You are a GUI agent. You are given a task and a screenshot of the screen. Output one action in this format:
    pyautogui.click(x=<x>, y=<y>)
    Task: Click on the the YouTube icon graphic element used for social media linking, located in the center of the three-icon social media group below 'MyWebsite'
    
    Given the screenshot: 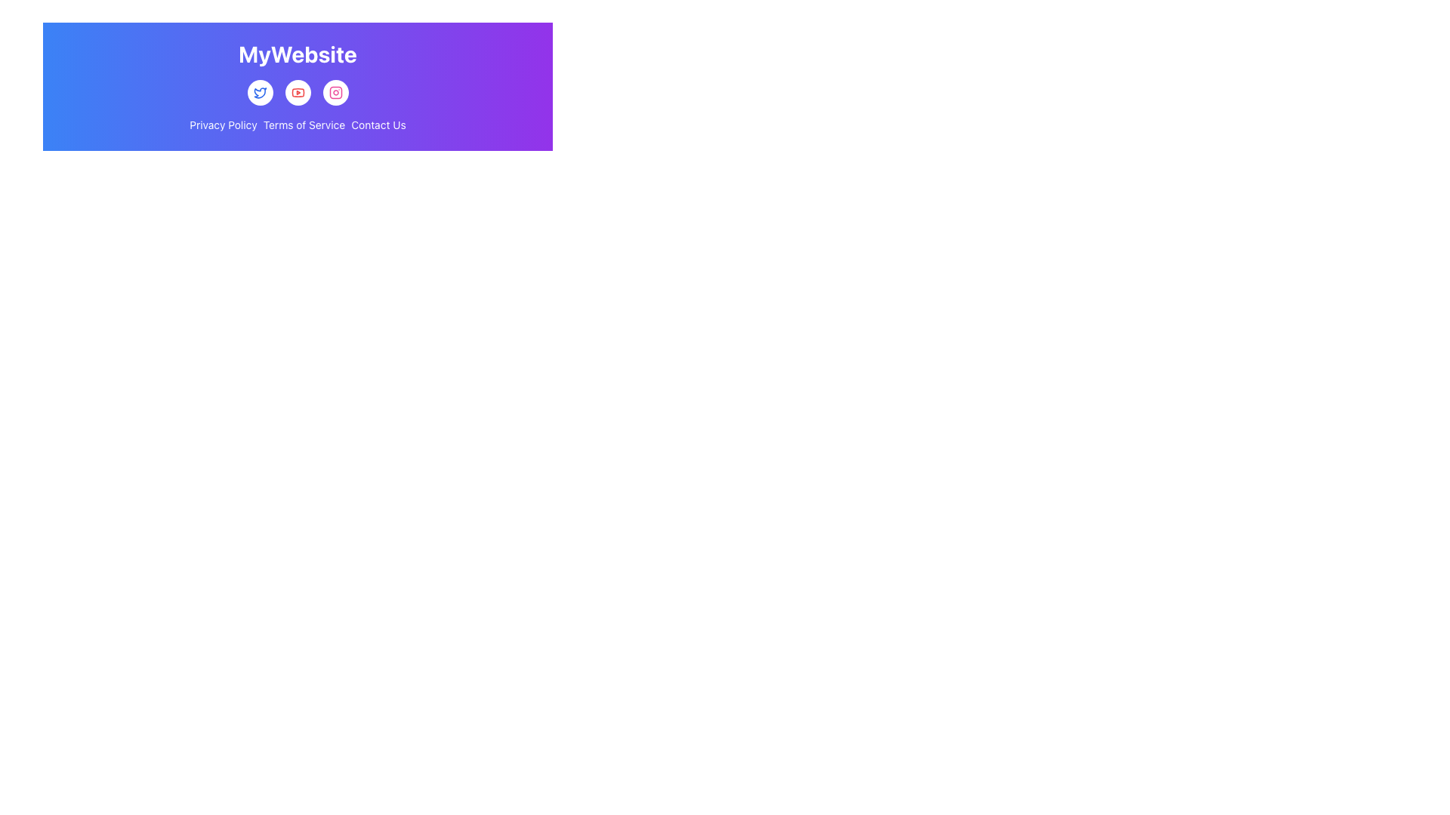 What is the action you would take?
    pyautogui.click(x=298, y=93)
    